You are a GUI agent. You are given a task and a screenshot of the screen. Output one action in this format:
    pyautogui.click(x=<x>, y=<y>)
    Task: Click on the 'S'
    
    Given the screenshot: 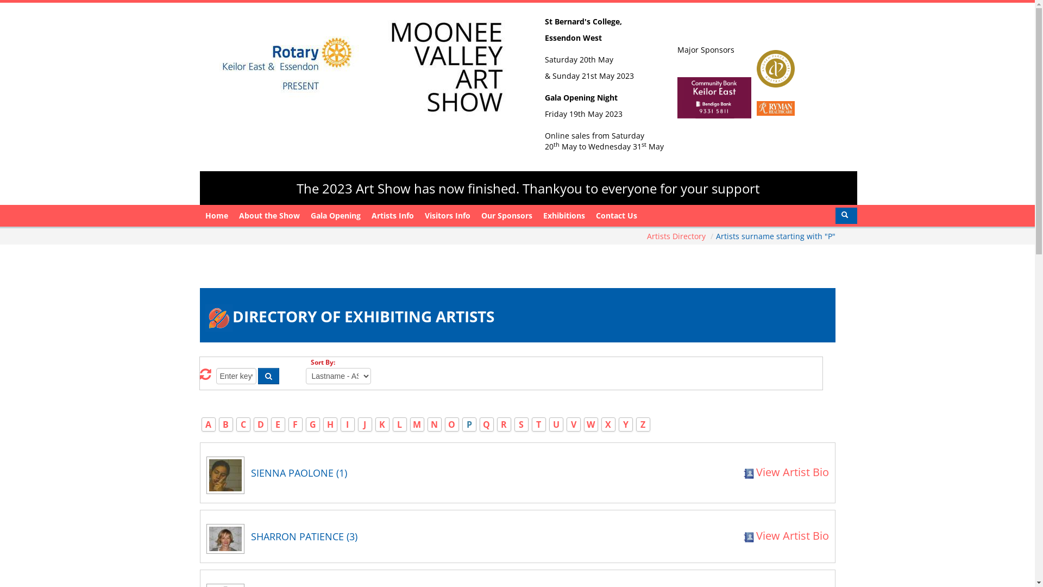 What is the action you would take?
    pyautogui.click(x=520, y=423)
    